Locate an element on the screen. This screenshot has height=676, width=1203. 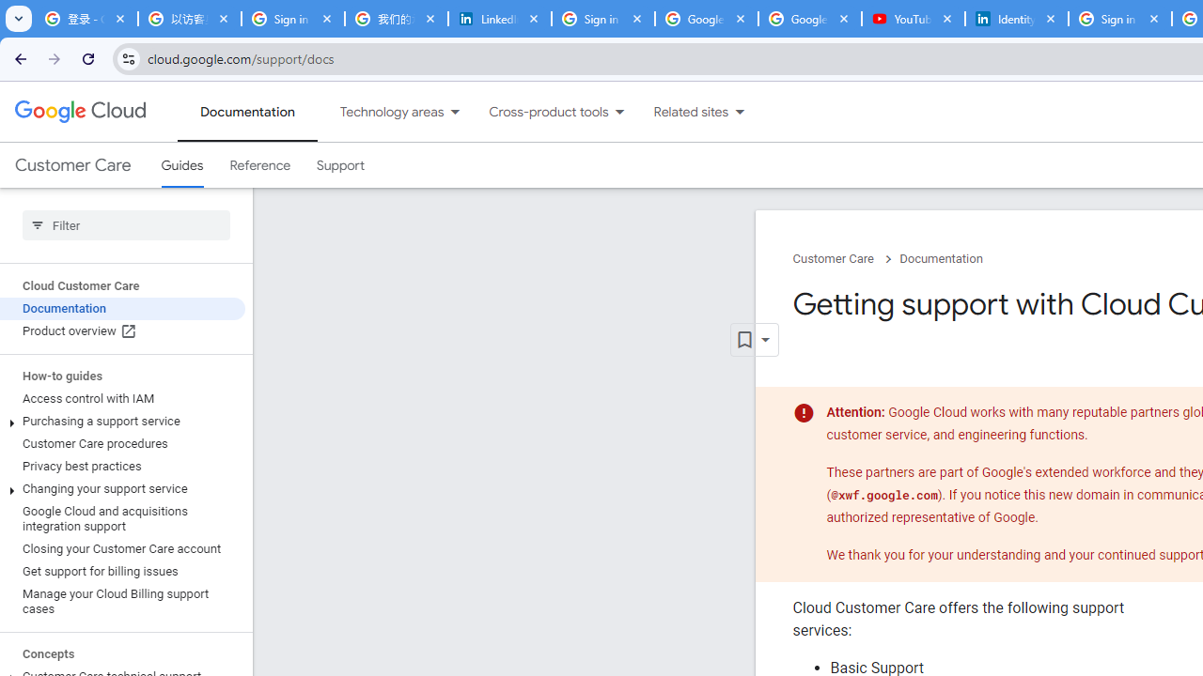
'Type to filter' is located at coordinates (125, 224).